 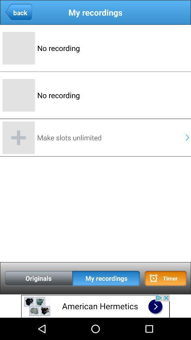 I want to click on american hermetics add, so click(x=95, y=306).